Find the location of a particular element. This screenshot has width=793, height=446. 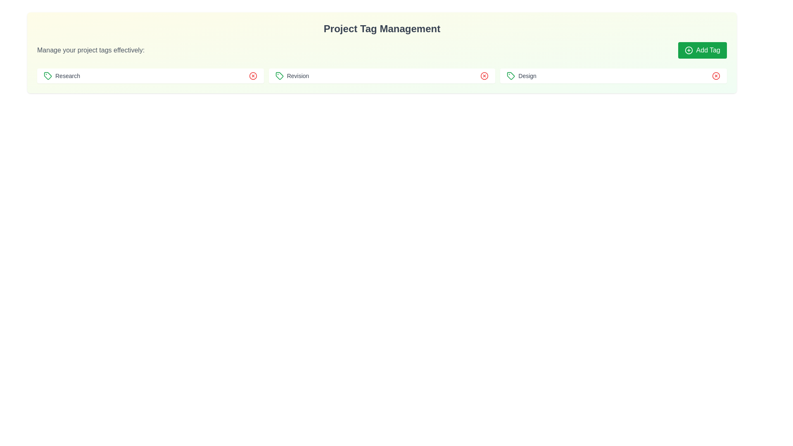

the 'Research' tag element is located at coordinates (150, 76).